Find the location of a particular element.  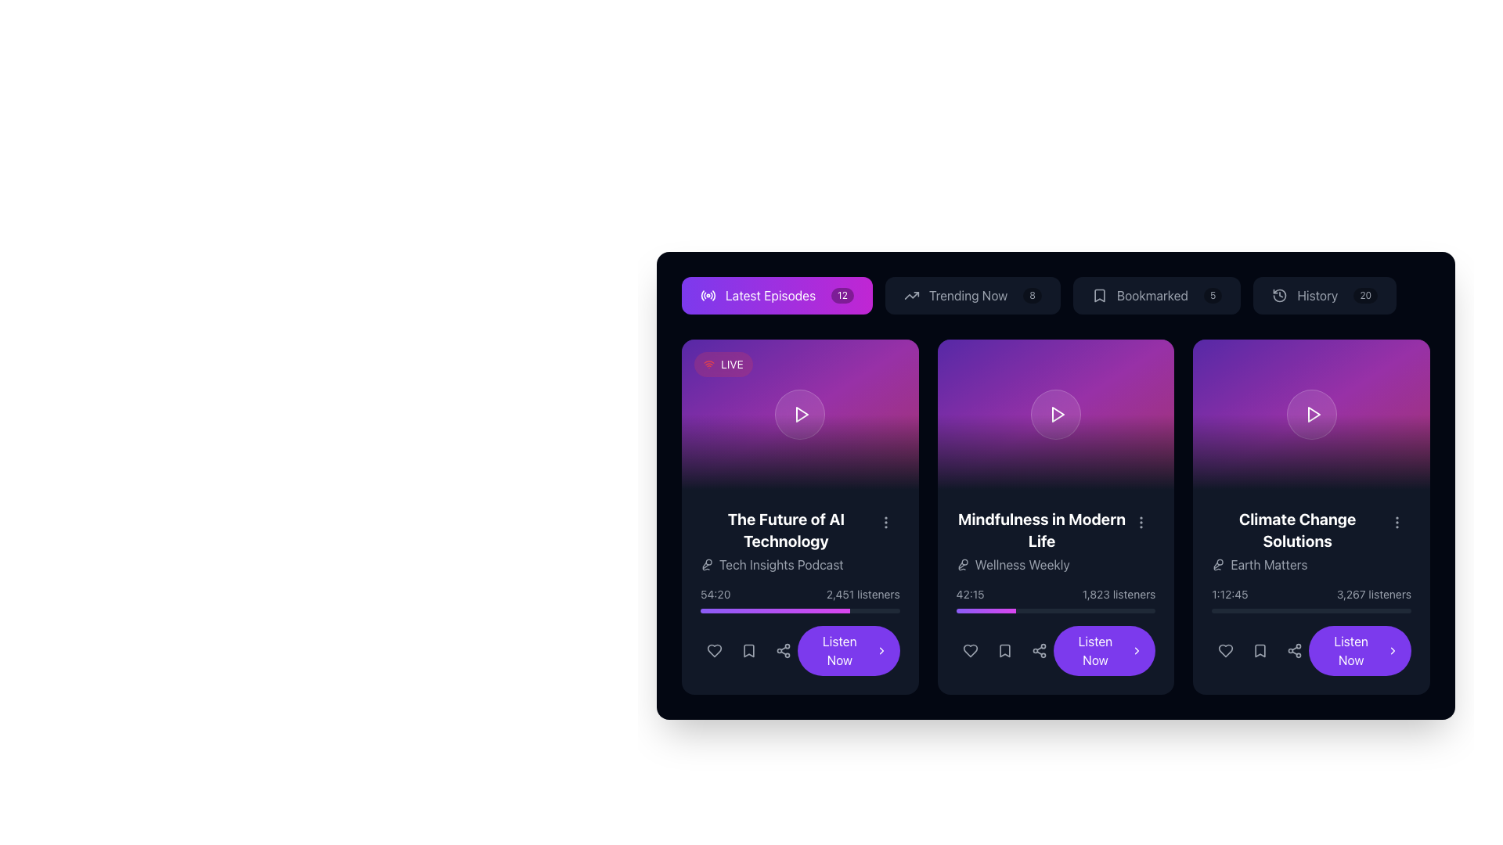

the heart-shaped icon located at the bottom-left corner of the first podcast episode card to like it is located at coordinates (713, 651).